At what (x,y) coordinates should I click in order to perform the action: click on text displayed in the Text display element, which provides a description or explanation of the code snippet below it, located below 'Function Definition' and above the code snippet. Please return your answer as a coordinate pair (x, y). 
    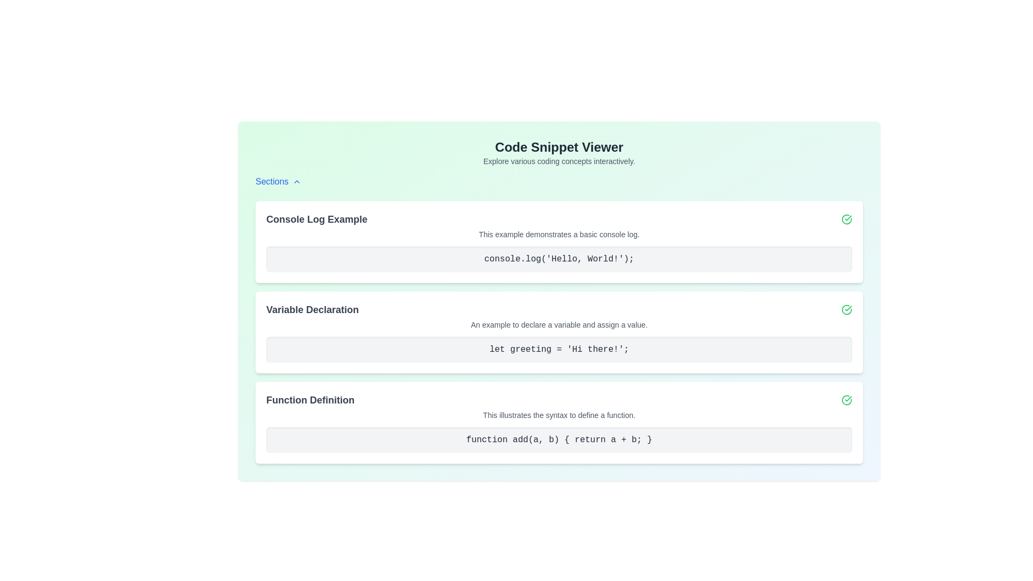
    Looking at the image, I should click on (559, 414).